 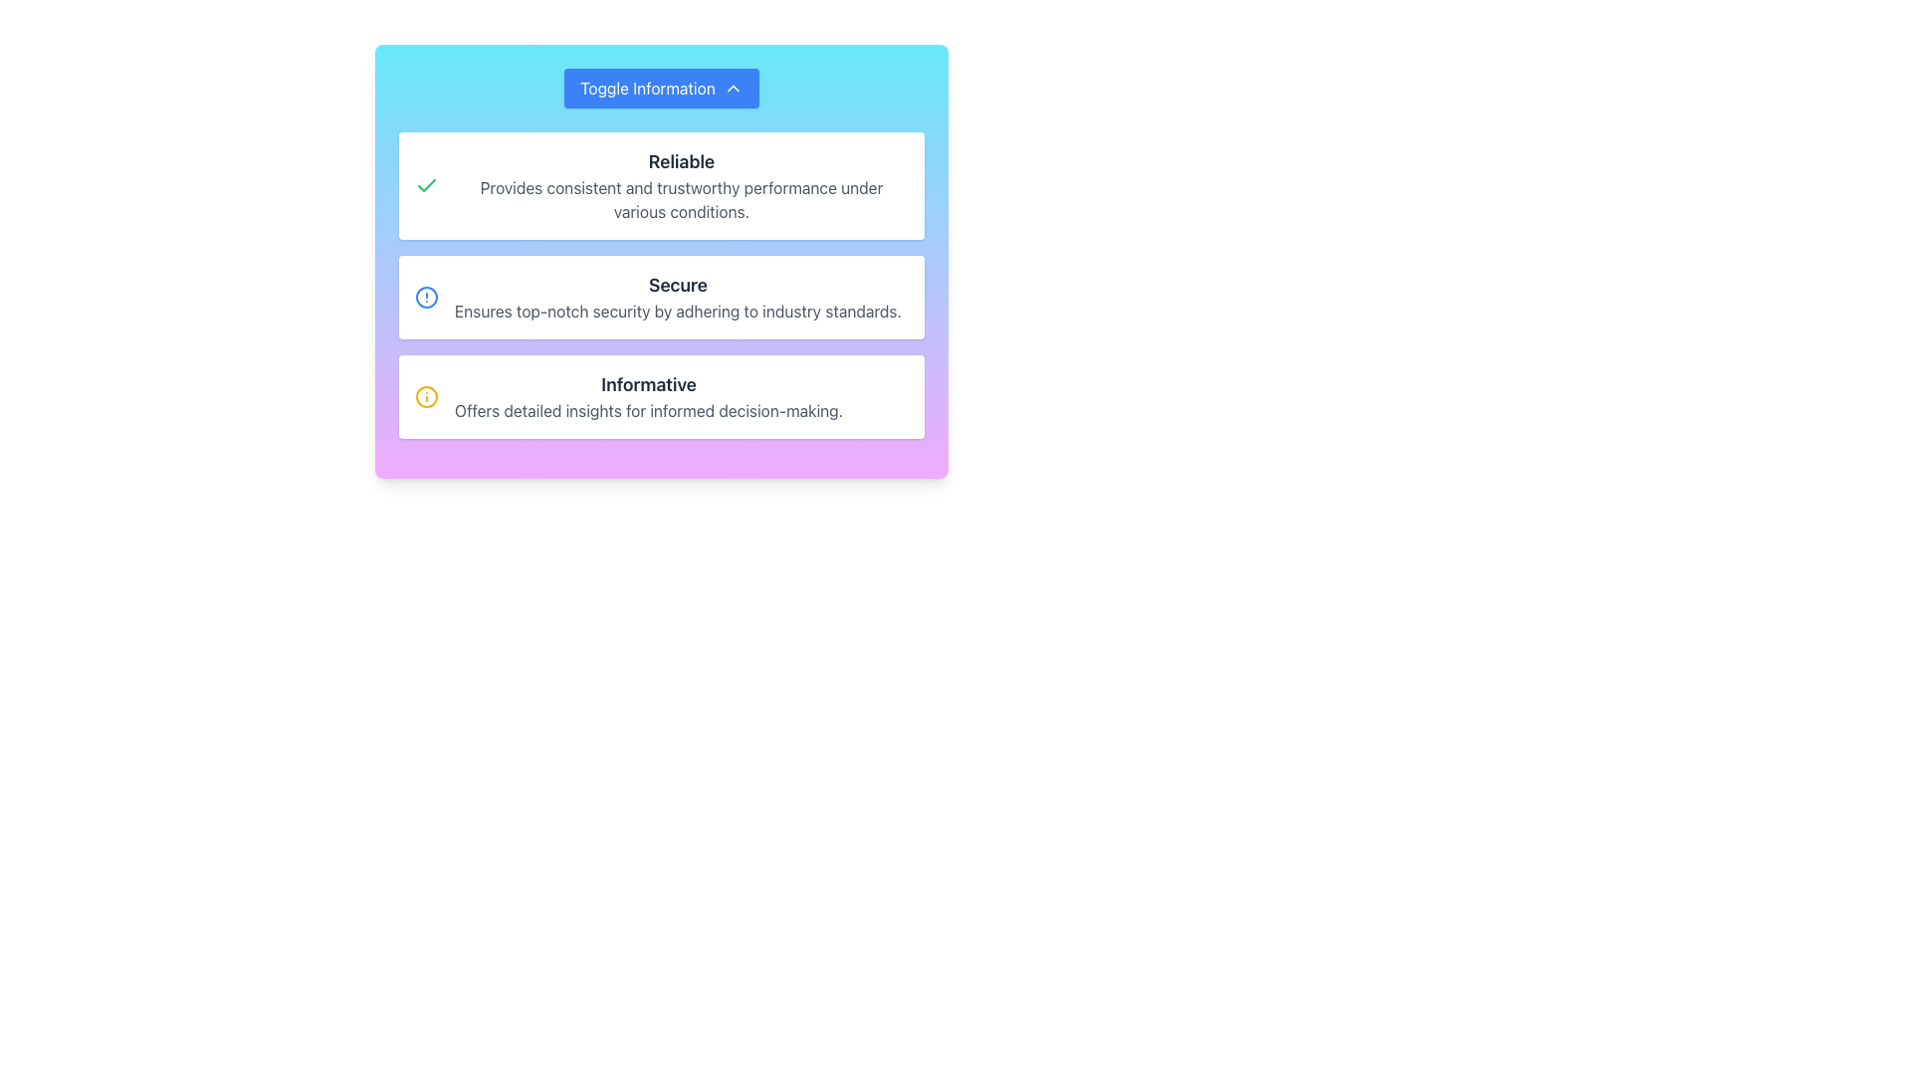 What do you see at coordinates (662, 396) in the screenshot?
I see `the Information card element titled 'Informative', which is the third entry in the list of information cards` at bounding box center [662, 396].